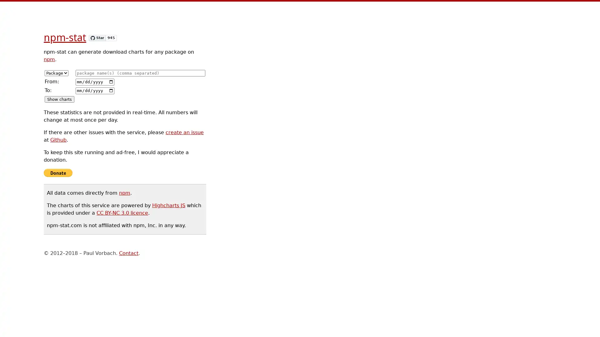 The width and height of the screenshot is (600, 337). What do you see at coordinates (59, 99) in the screenshot?
I see `Show charts` at bounding box center [59, 99].